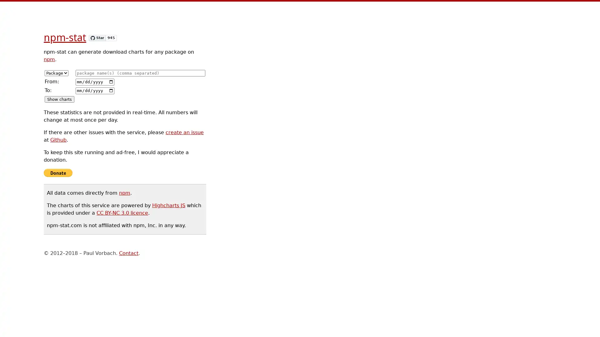 The width and height of the screenshot is (600, 337). What do you see at coordinates (59, 99) in the screenshot?
I see `Show charts` at bounding box center [59, 99].